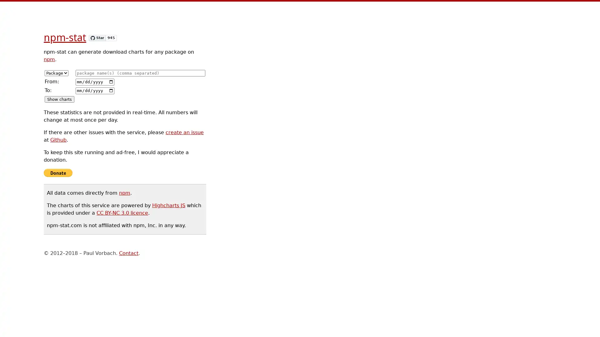 The width and height of the screenshot is (600, 337). What do you see at coordinates (59, 99) in the screenshot?
I see `Show charts` at bounding box center [59, 99].